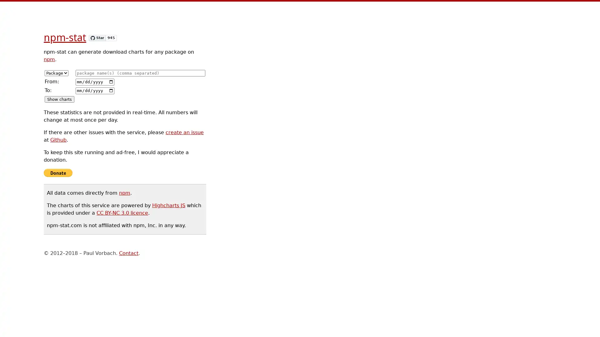 The width and height of the screenshot is (600, 337). What do you see at coordinates (59, 99) in the screenshot?
I see `Show charts` at bounding box center [59, 99].